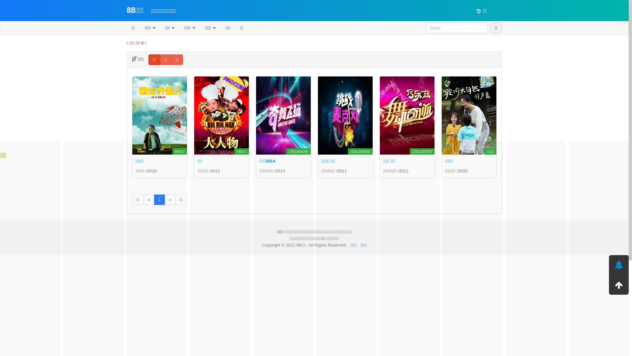 The image size is (632, 356). I want to click on '2020', so click(458, 170).